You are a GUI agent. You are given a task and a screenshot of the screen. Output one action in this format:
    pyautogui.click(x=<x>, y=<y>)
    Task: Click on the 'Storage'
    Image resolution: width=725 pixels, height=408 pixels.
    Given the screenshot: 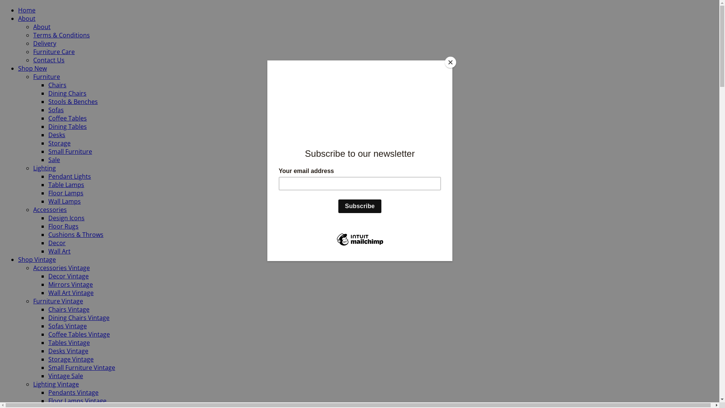 What is the action you would take?
    pyautogui.click(x=59, y=143)
    